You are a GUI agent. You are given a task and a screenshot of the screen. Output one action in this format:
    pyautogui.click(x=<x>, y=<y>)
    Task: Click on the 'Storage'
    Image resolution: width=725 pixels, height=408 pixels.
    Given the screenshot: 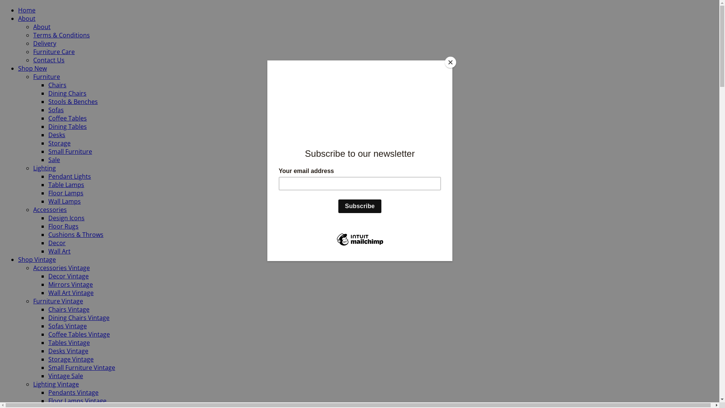 What is the action you would take?
    pyautogui.click(x=59, y=143)
    